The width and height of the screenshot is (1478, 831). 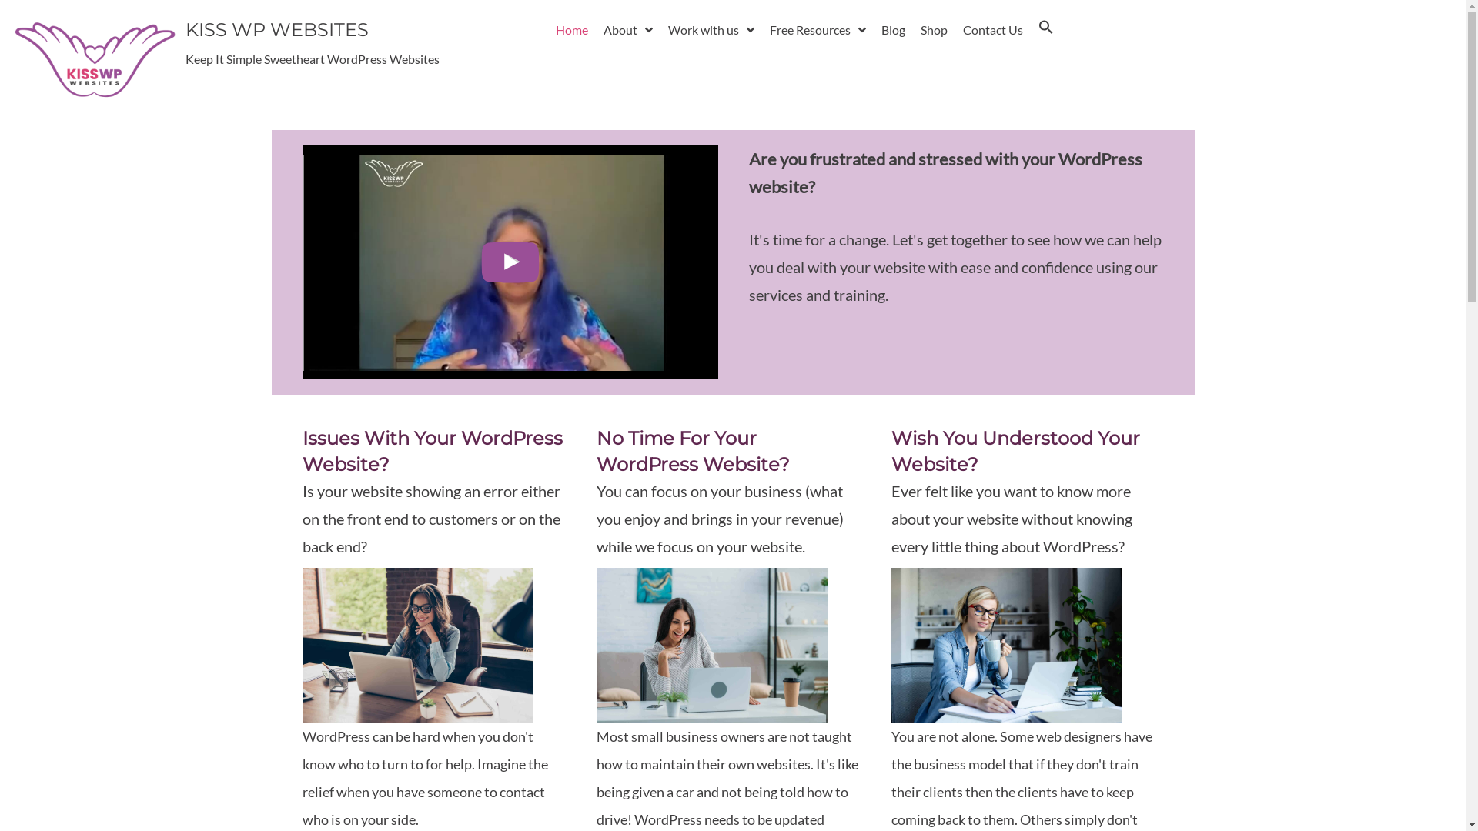 I want to click on 'Shop', so click(x=933, y=29).